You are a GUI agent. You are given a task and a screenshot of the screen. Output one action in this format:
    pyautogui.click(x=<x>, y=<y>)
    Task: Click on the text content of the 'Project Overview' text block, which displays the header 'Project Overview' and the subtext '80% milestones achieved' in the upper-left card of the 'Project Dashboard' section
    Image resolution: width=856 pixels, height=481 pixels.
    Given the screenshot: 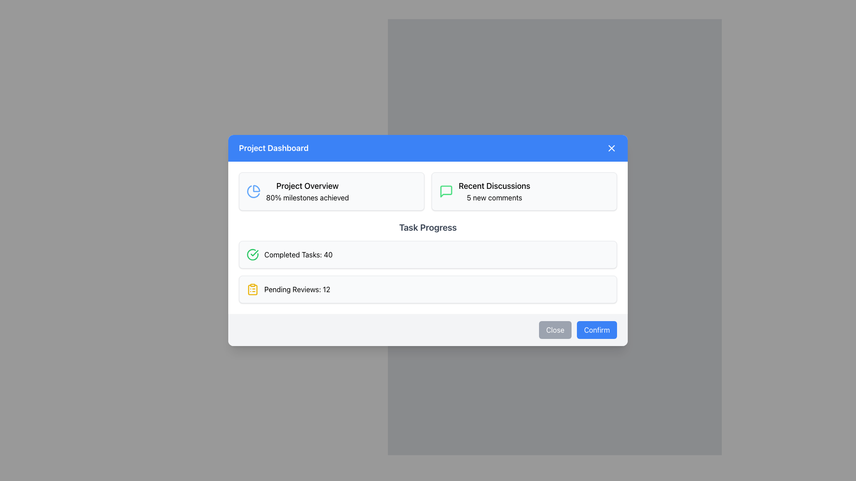 What is the action you would take?
    pyautogui.click(x=307, y=191)
    